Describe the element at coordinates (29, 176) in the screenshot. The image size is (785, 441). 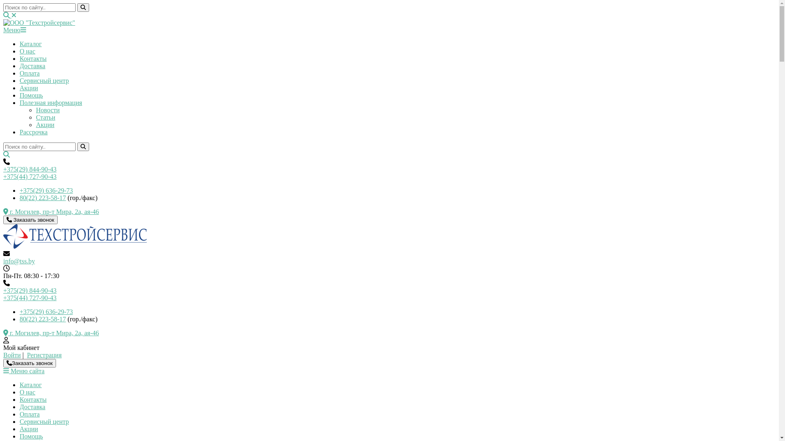
I see `'+375(44) 727-90-43'` at that location.